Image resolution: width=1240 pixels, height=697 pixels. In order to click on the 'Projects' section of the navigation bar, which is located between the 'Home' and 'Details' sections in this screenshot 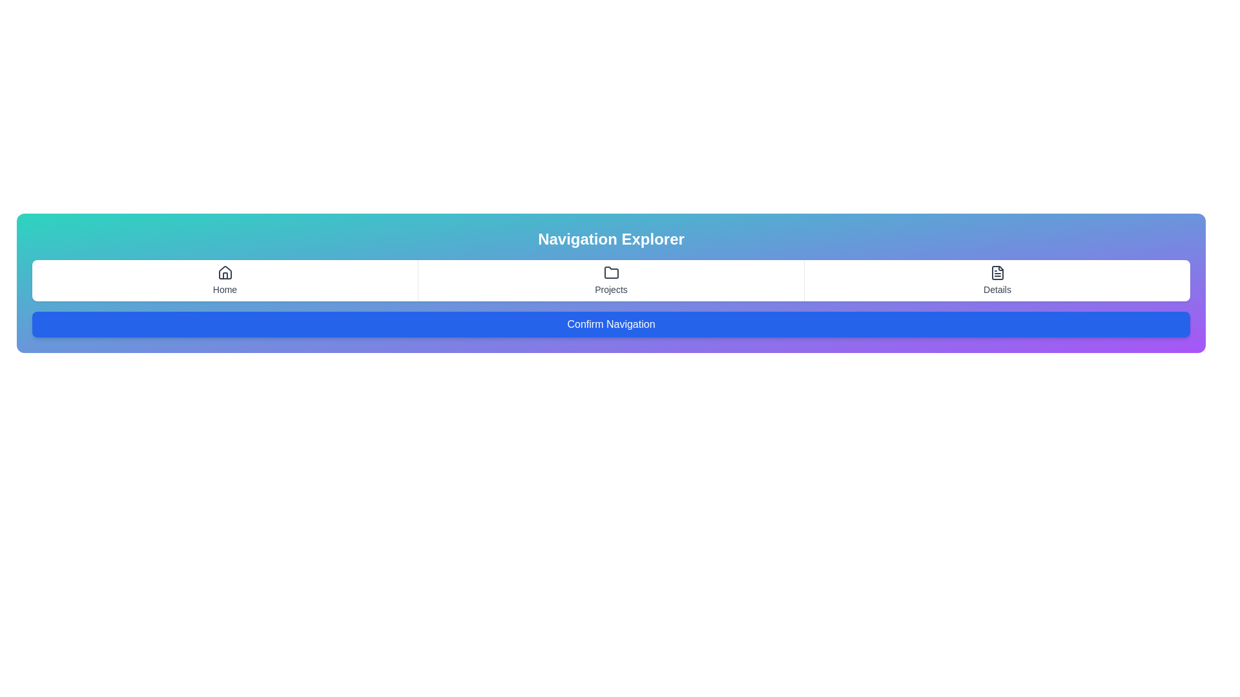, I will do `click(610, 280)`.